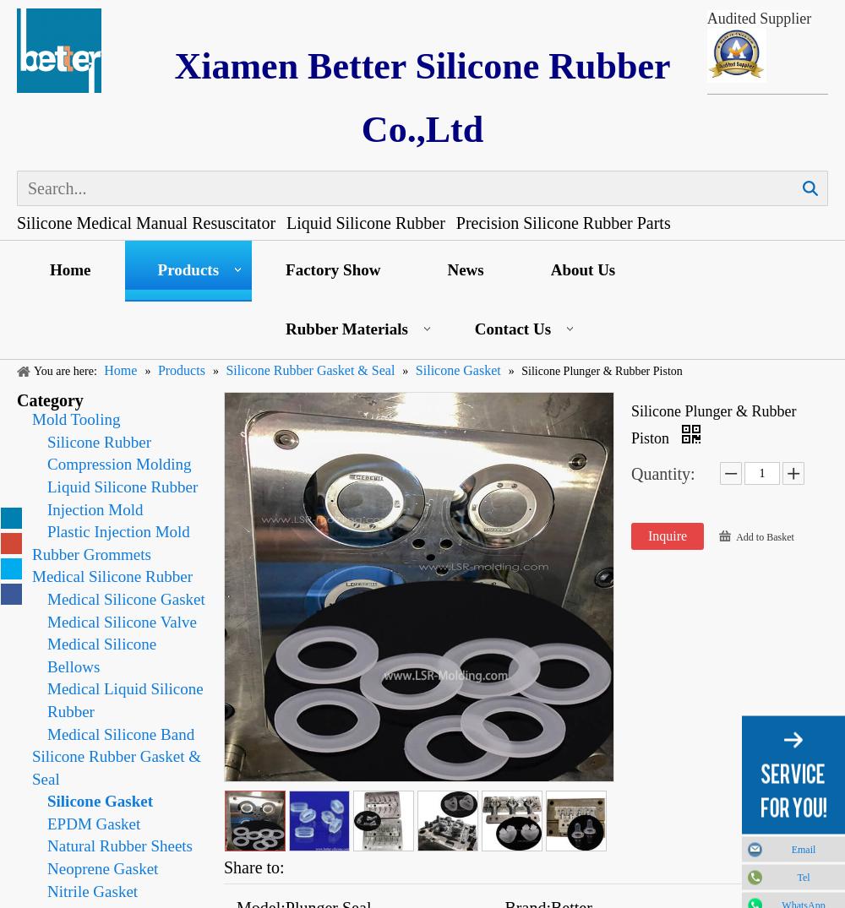 The width and height of the screenshot is (845, 908). I want to click on 'Mold Tooling', so click(32, 418).